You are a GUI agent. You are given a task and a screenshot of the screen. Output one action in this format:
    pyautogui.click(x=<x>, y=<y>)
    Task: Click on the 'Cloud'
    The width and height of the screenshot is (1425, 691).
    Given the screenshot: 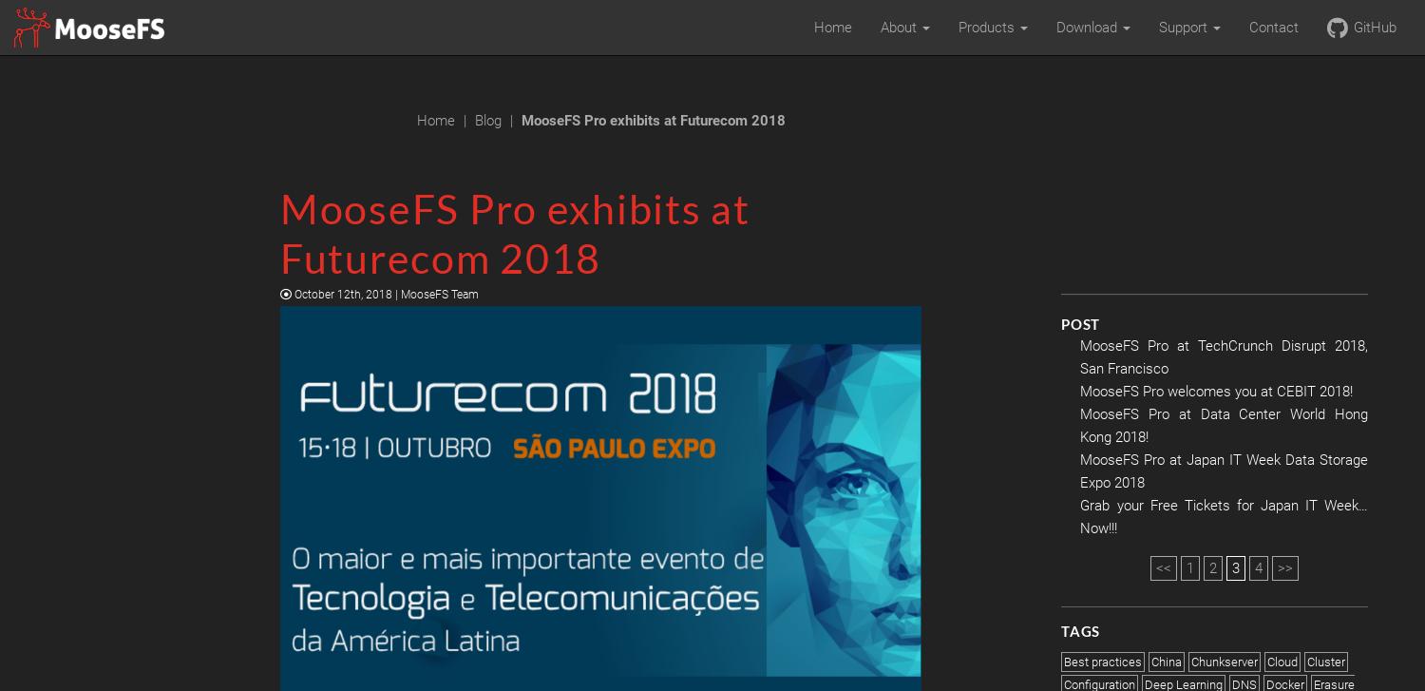 What is the action you would take?
    pyautogui.click(x=1265, y=661)
    